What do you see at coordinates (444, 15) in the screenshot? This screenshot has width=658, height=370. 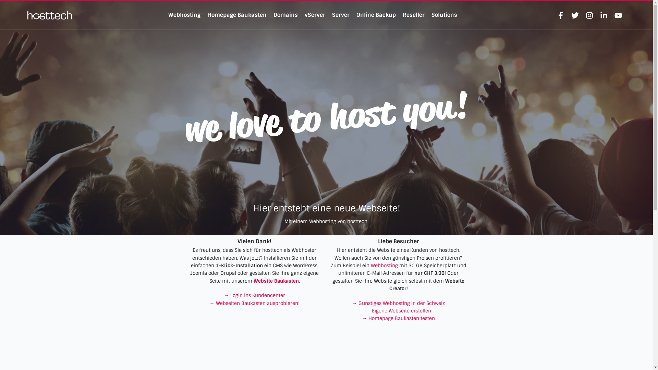 I see `'Solutions'` at bounding box center [444, 15].